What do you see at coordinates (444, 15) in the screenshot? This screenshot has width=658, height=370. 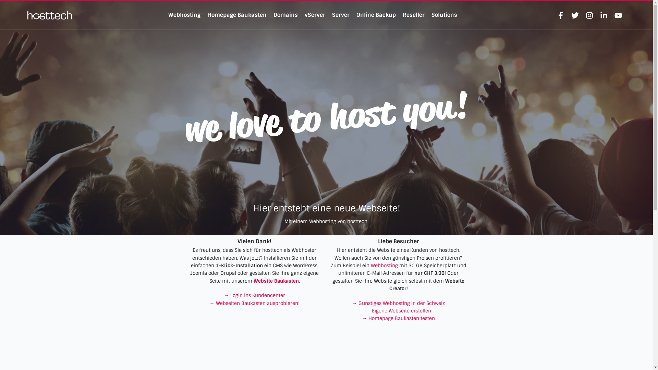 I see `'Solutions'` at bounding box center [444, 15].